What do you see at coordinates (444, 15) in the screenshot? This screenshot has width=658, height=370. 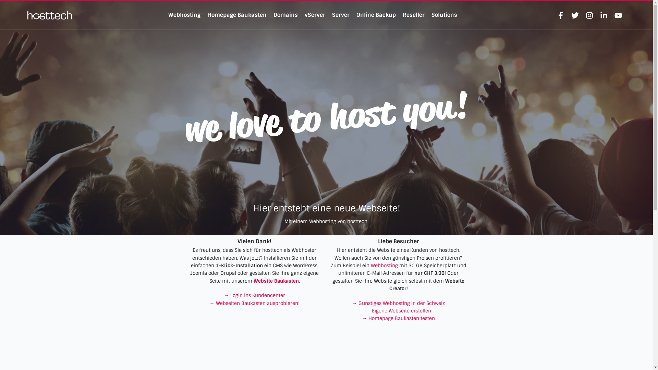 I see `'Solutions'` at bounding box center [444, 15].